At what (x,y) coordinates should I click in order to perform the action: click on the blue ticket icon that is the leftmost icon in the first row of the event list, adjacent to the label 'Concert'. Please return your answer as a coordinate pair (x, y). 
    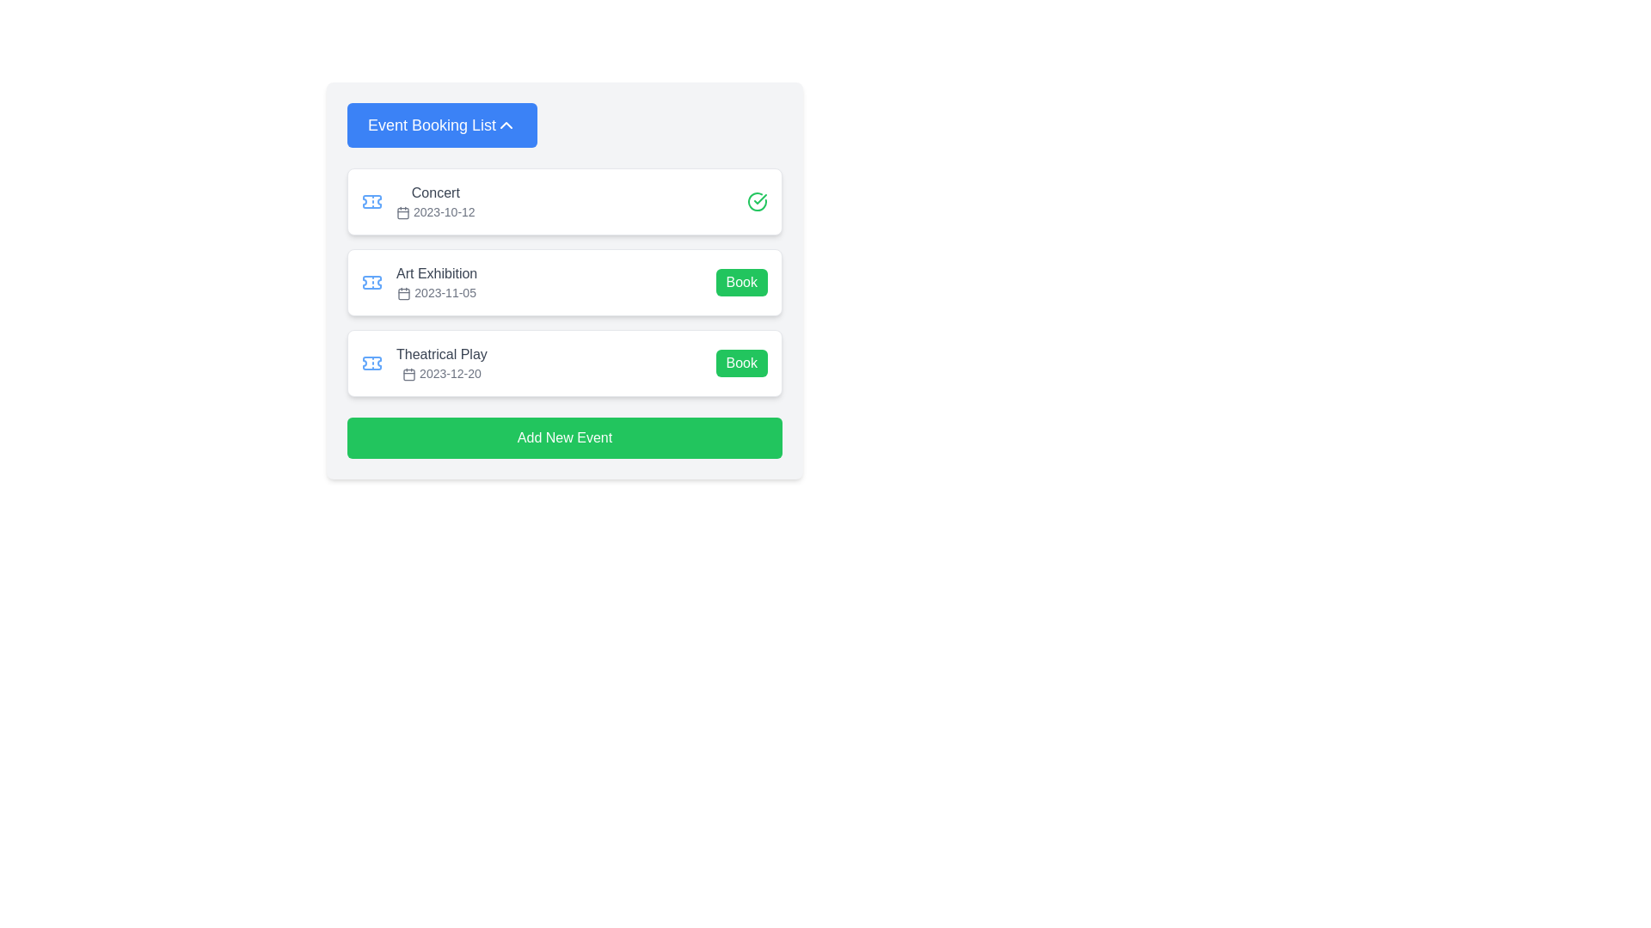
    Looking at the image, I should click on (371, 201).